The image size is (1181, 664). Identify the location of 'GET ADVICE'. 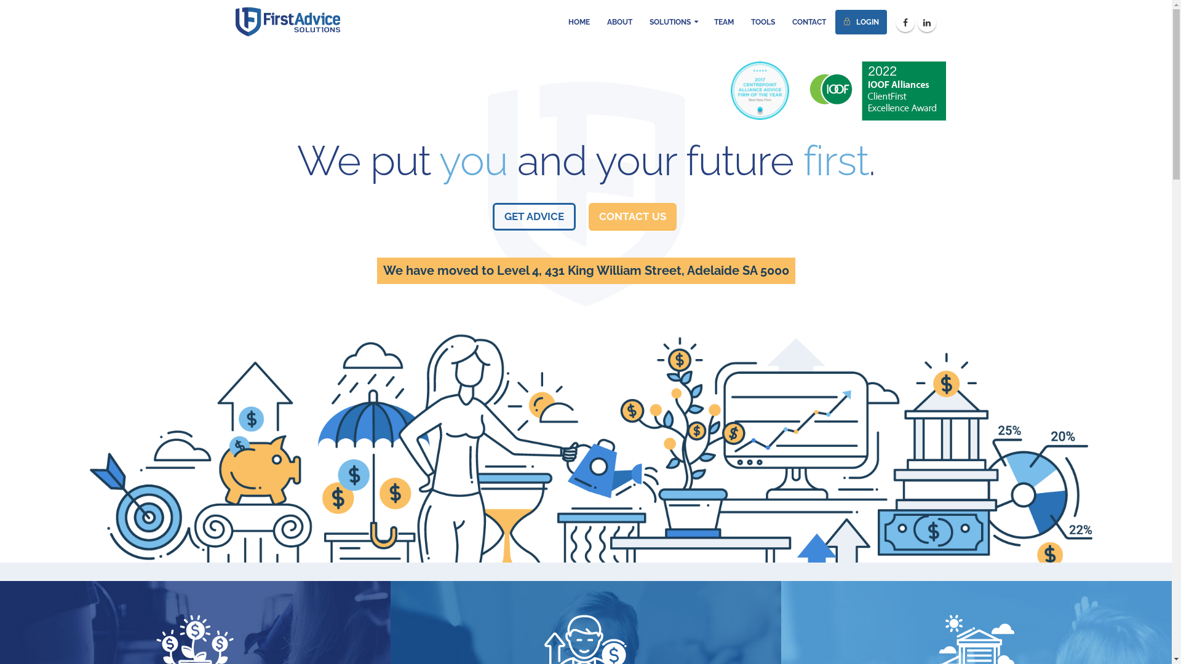
(533, 215).